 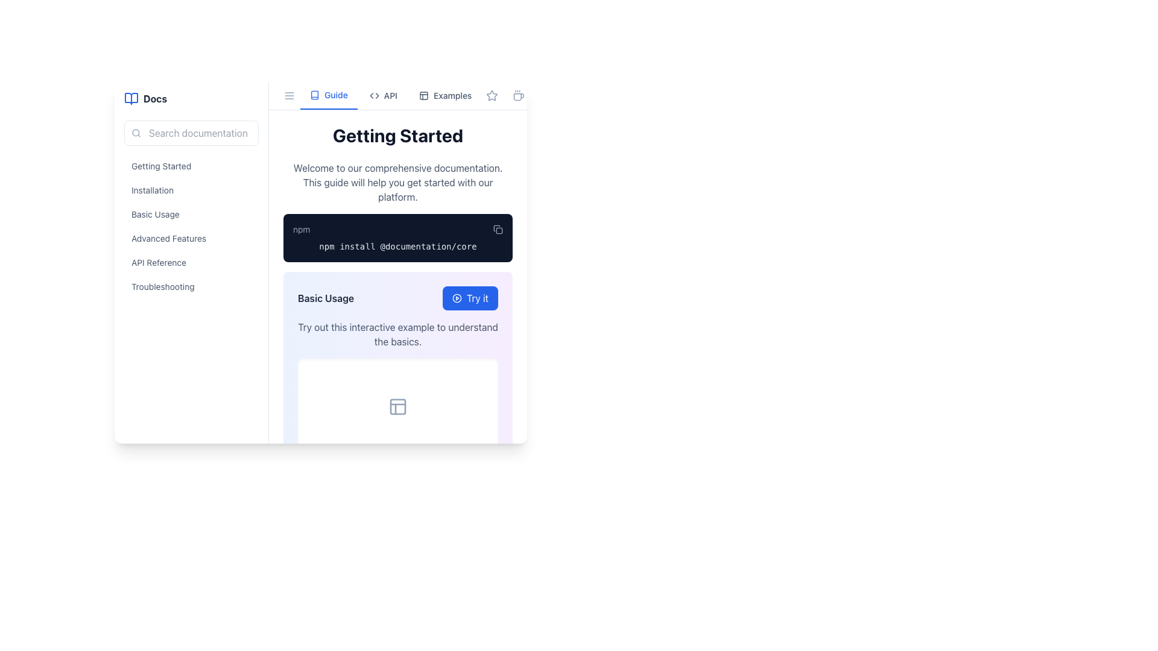 I want to click on the 'Examples' button in the horizontal navigation bar, so click(x=445, y=95).